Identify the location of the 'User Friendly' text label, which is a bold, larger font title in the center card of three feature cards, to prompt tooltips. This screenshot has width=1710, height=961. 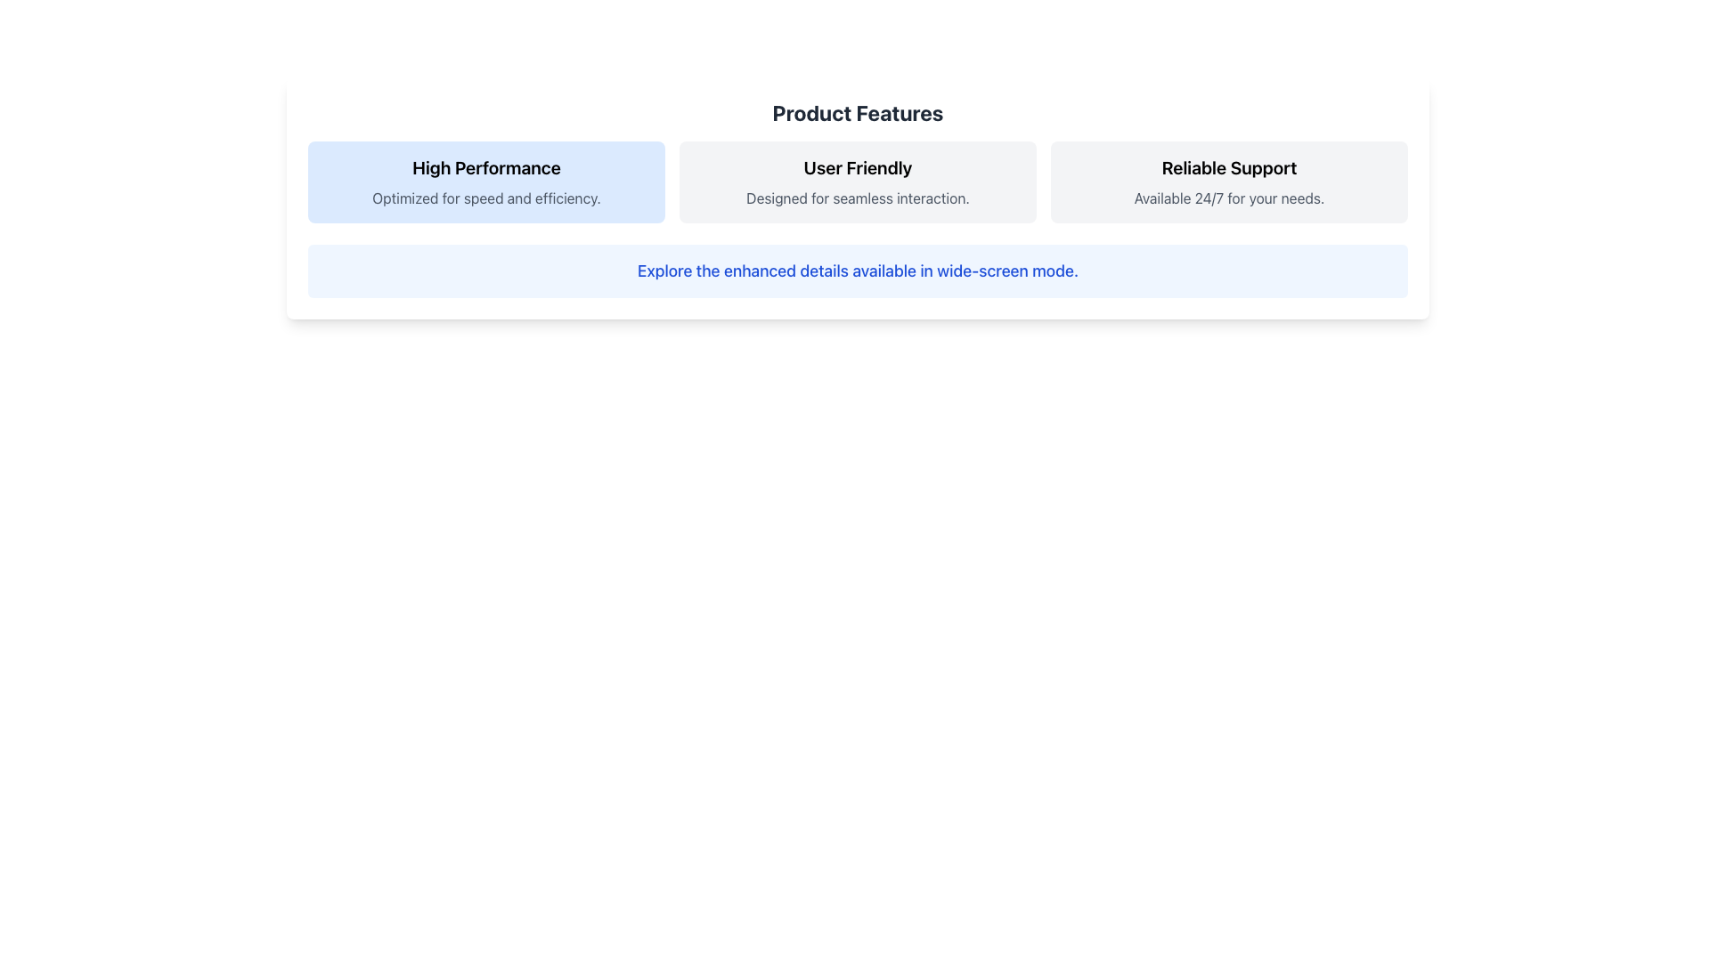
(858, 168).